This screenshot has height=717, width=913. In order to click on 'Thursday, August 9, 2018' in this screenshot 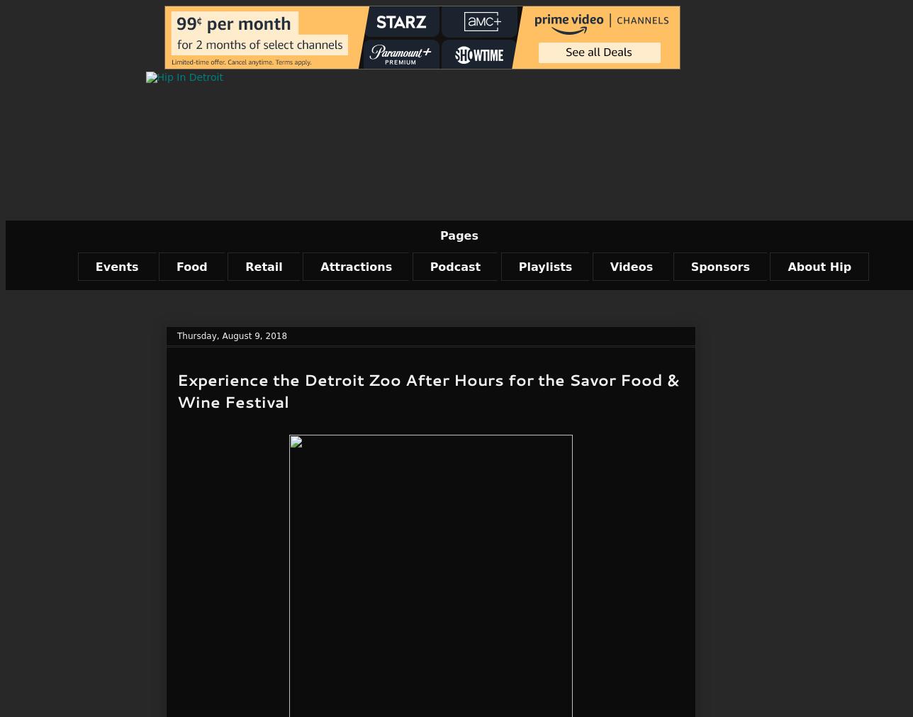, I will do `click(177, 335)`.